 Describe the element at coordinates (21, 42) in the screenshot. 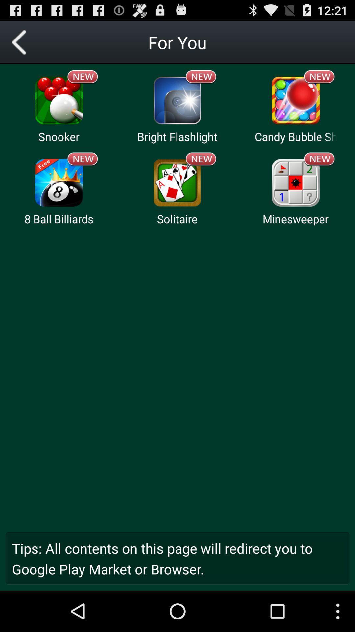

I see `previous` at that location.